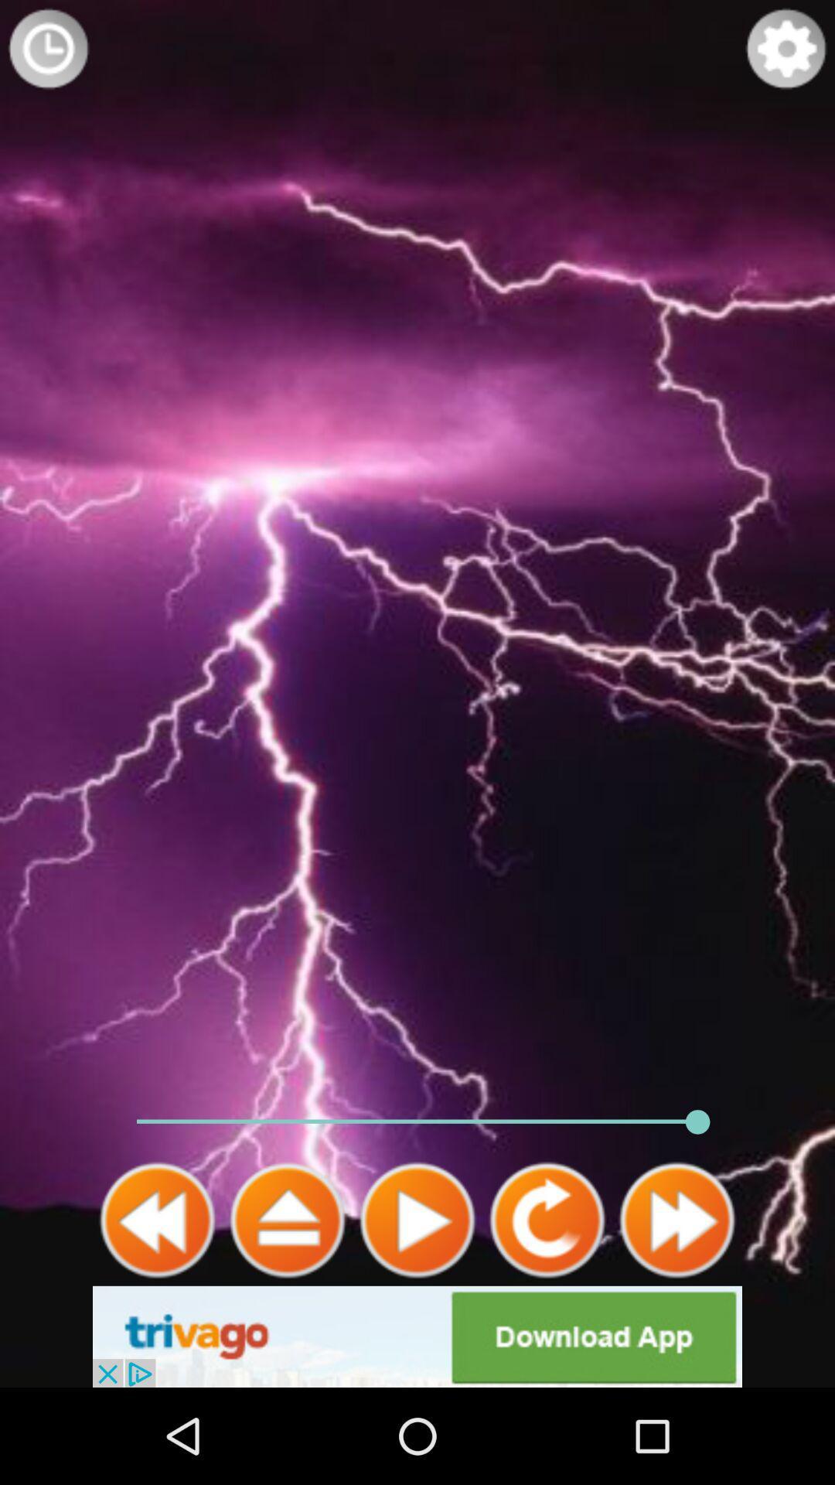  Describe the element at coordinates (417, 1336) in the screenshot. I see `clickable advertisement` at that location.